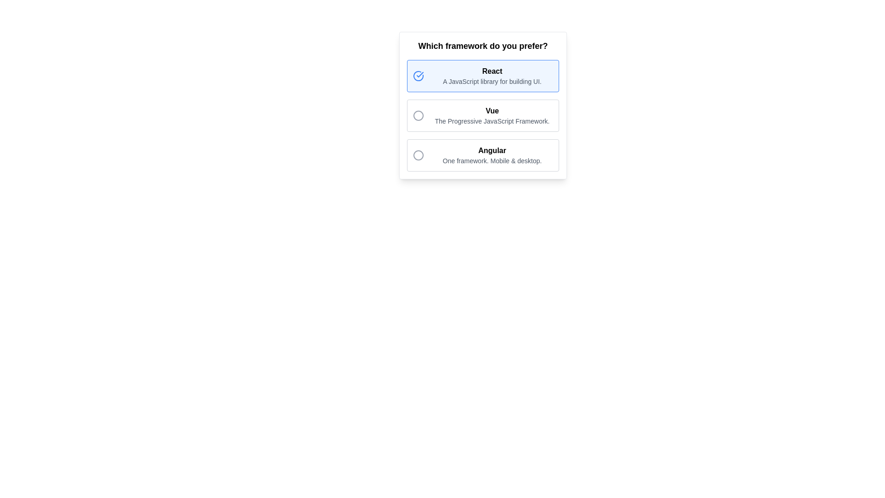  Describe the element at coordinates (492, 81) in the screenshot. I see `text label displaying 'A JavaScript library for building UI.' located beneath the title 'React' in the highlighted 'React' option card` at that location.